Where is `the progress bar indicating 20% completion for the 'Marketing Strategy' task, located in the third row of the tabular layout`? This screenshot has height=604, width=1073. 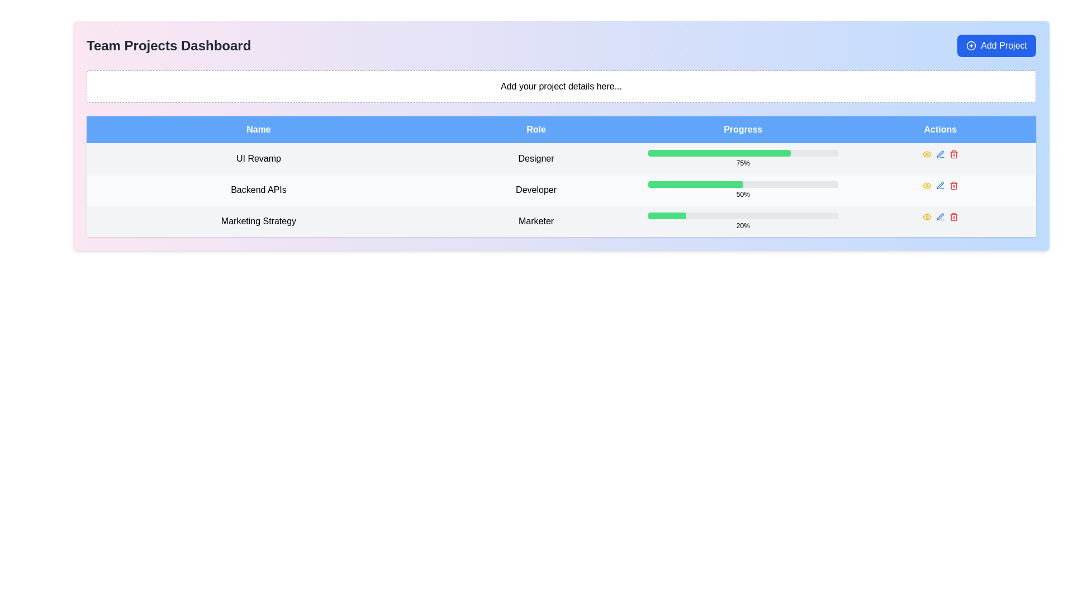
the progress bar indicating 20% completion for the 'Marketing Strategy' task, located in the third row of the tabular layout is located at coordinates (743, 215).